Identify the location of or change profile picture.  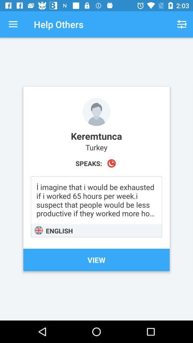
(96, 112).